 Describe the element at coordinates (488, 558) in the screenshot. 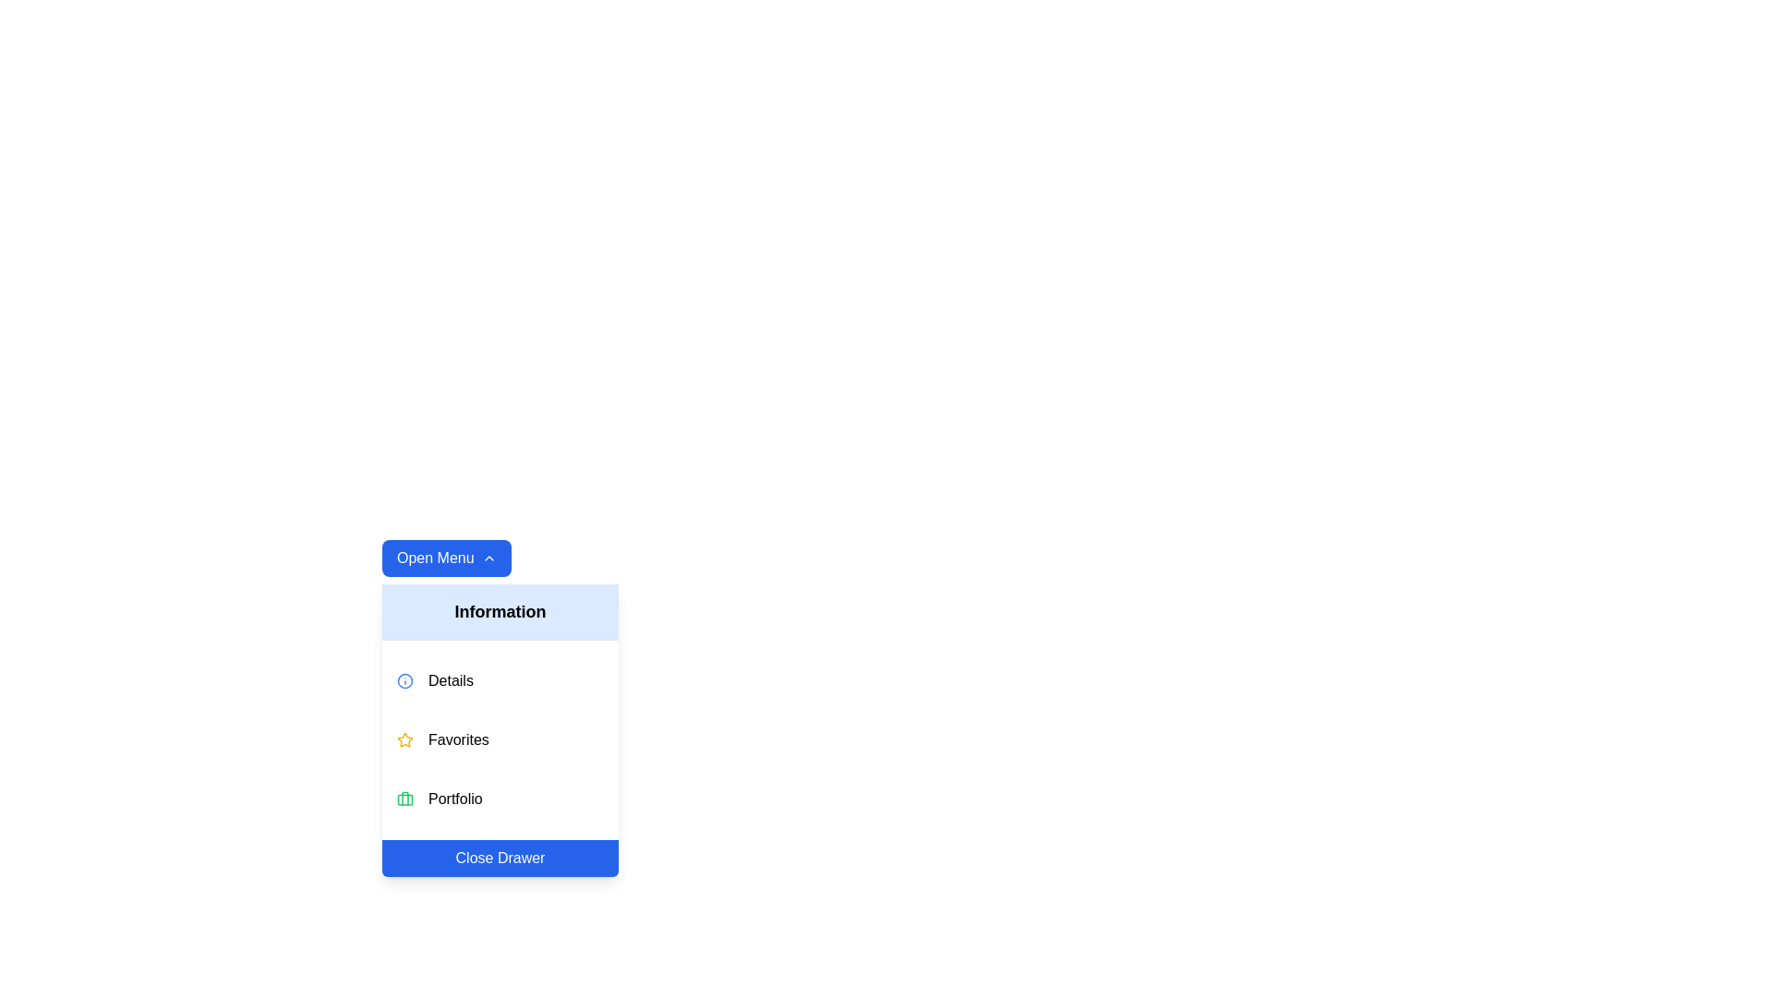

I see `the expandable menu icon located to the right of the 'Open Menu' button near the top left of the menu interface` at that location.